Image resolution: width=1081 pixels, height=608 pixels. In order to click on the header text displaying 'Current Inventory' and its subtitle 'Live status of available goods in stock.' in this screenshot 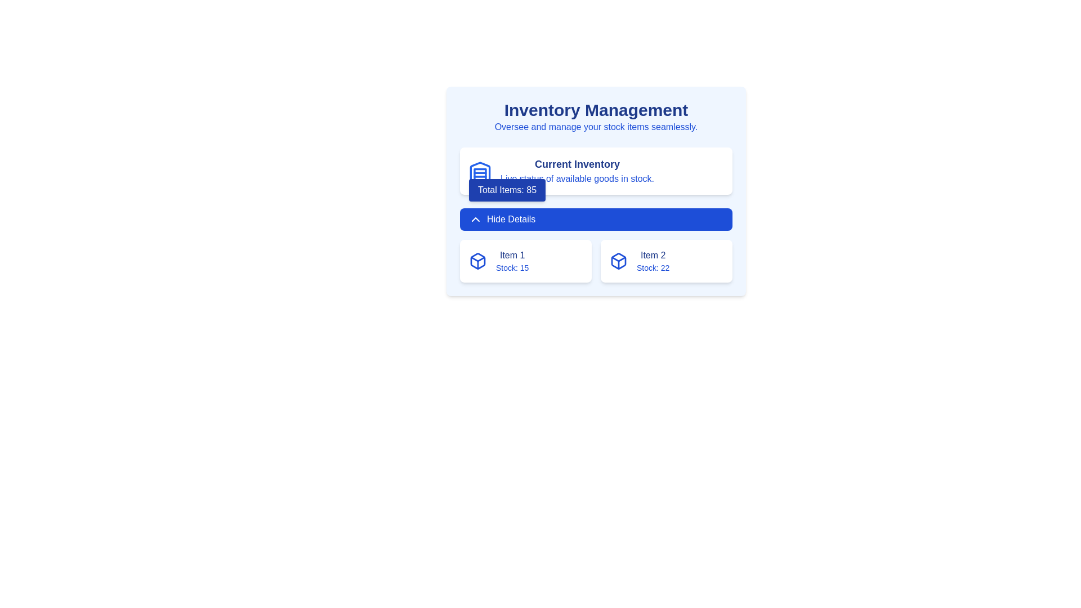, I will do `click(577, 171)`.